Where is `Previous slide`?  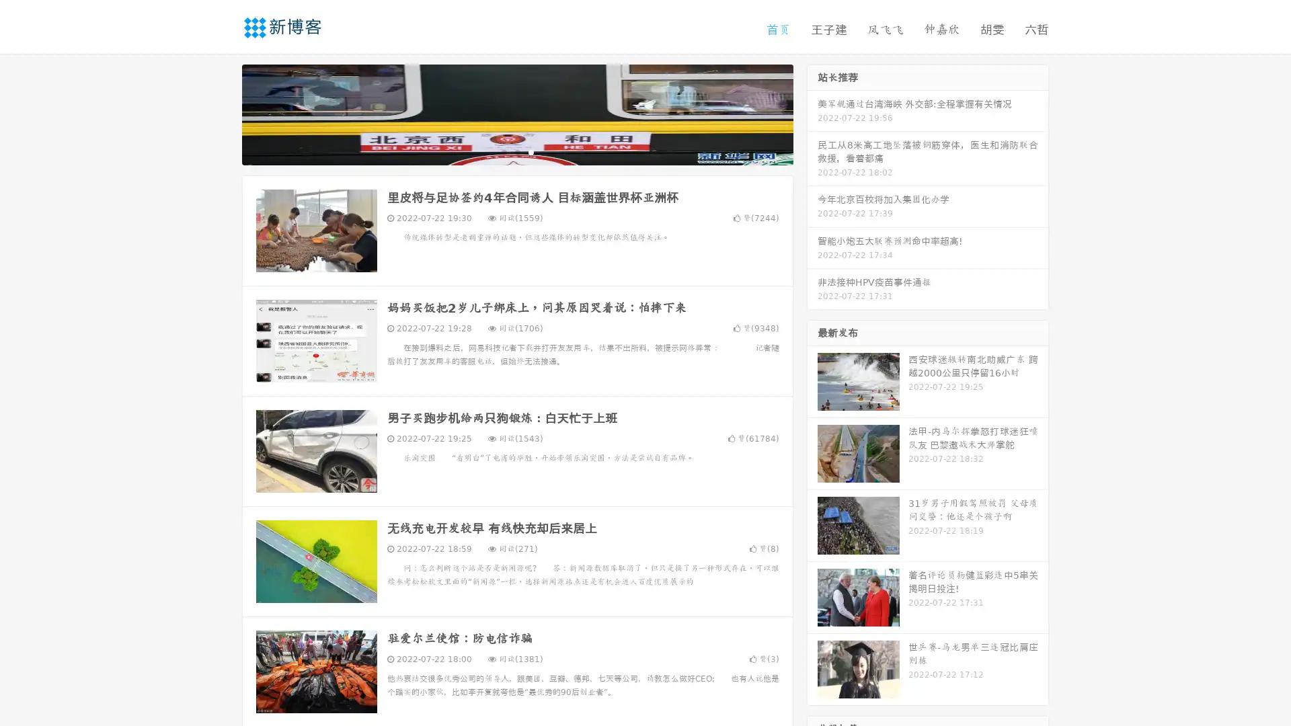 Previous slide is located at coordinates (222, 113).